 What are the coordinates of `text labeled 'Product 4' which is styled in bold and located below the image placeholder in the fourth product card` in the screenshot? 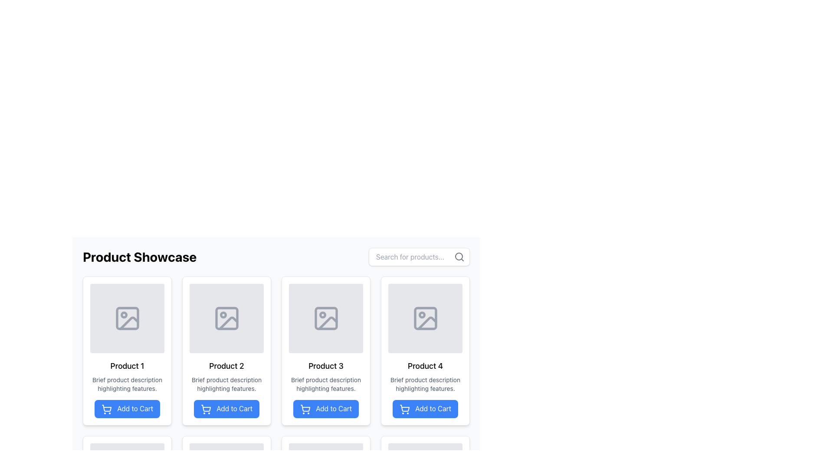 It's located at (425, 366).